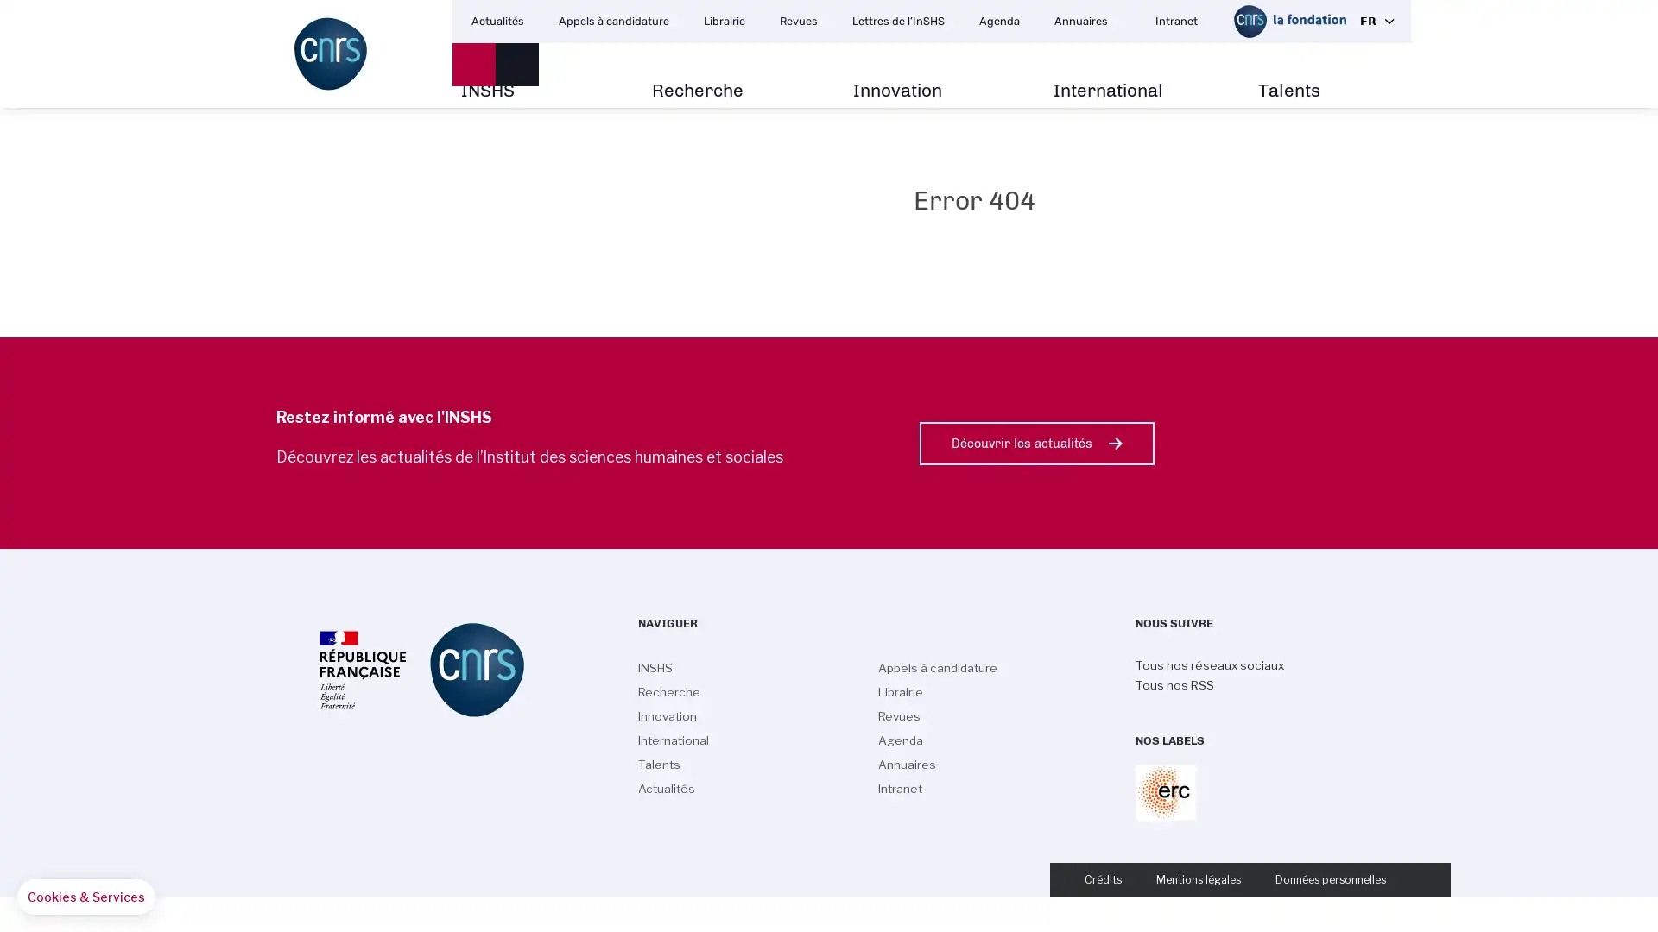 The image size is (1658, 932). I want to click on Manage your preferences about cookies, so click(85, 895).